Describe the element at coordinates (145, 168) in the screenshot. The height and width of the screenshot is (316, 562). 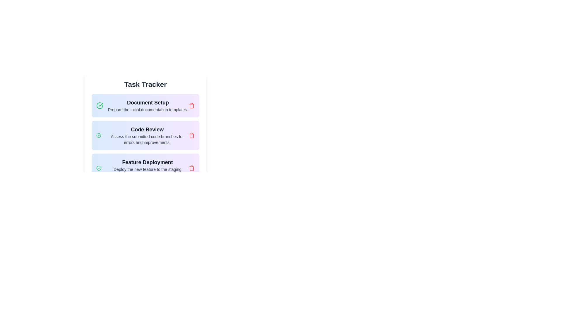
I see `the green checkmark icon in the task entry component labeled 'Feature Deployment' to mark the task as complete` at that location.